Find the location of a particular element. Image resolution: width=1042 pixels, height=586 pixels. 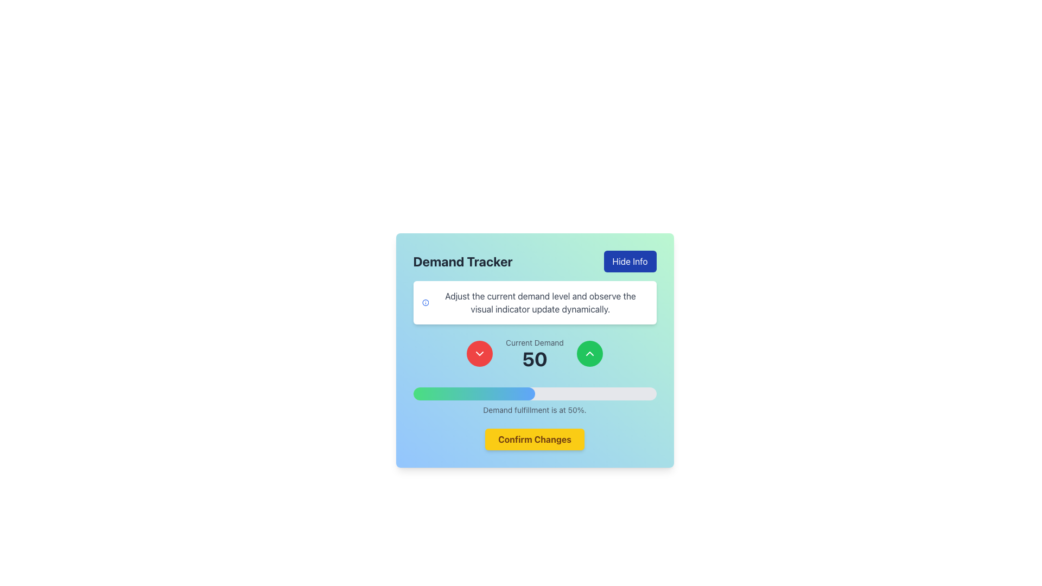

the 'Confirm Changes' button, which is a rectangular button with rounded corners, a bright yellow background, and bold dark yellow text, located at the bottom section of the card interface is located at coordinates (535, 439).